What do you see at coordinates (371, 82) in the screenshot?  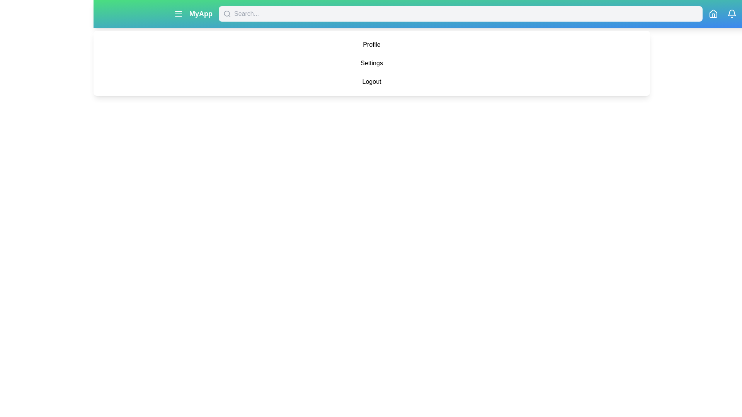 I see `the logout text button located within the dropdown menu, positioned between the 'Settings' option and no other elements, to provide a visual cue` at bounding box center [371, 82].